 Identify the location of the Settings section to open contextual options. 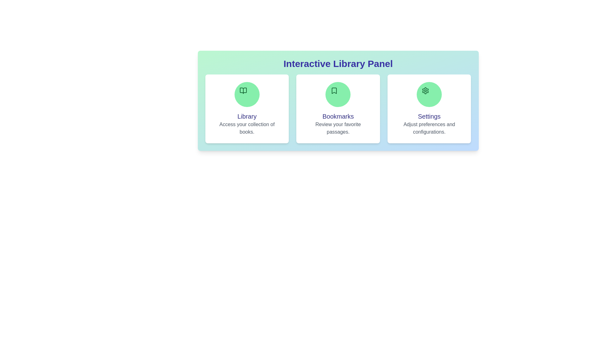
(429, 108).